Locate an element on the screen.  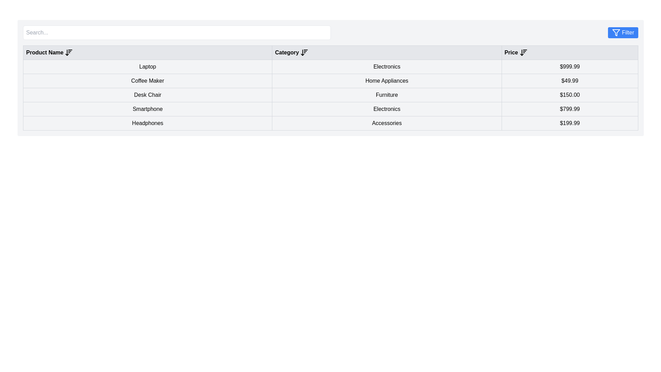
the static text element displaying the price '$199.99', which is styled with a border and light gray background, located in the last column of the product 'Headphones' data row is located at coordinates (570, 123).